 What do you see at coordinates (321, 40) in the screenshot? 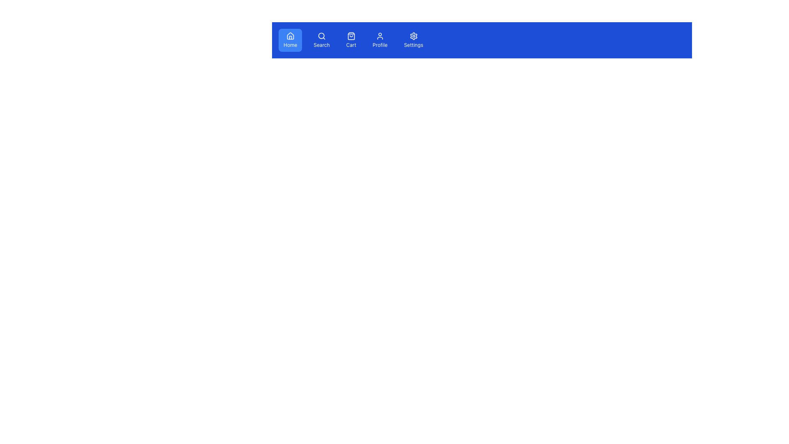
I see `the 'Search' button located in the top navigation bar` at bounding box center [321, 40].